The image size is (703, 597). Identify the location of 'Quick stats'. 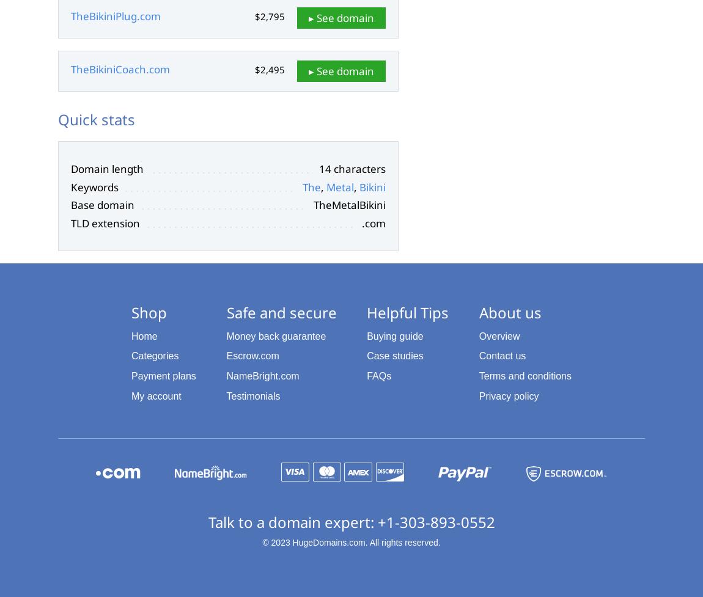
(96, 119).